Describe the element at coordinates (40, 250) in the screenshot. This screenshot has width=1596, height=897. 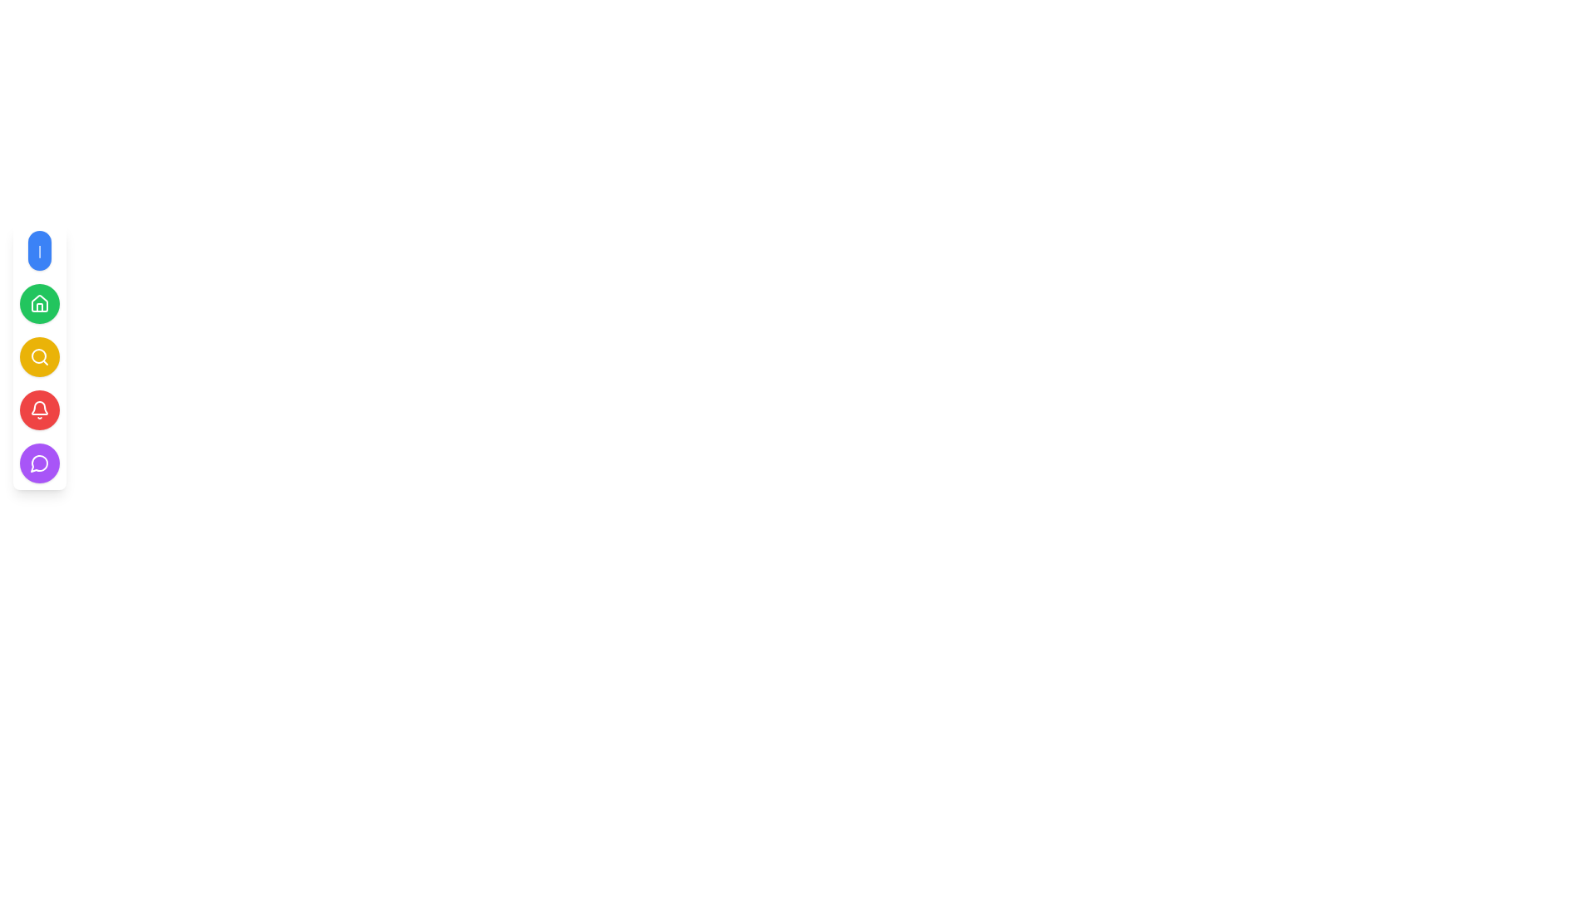
I see `the circular blue button with a white vertical bar at its center, positioned at the top of a vertical stack of controls in the fixed sidebar on the left` at that location.